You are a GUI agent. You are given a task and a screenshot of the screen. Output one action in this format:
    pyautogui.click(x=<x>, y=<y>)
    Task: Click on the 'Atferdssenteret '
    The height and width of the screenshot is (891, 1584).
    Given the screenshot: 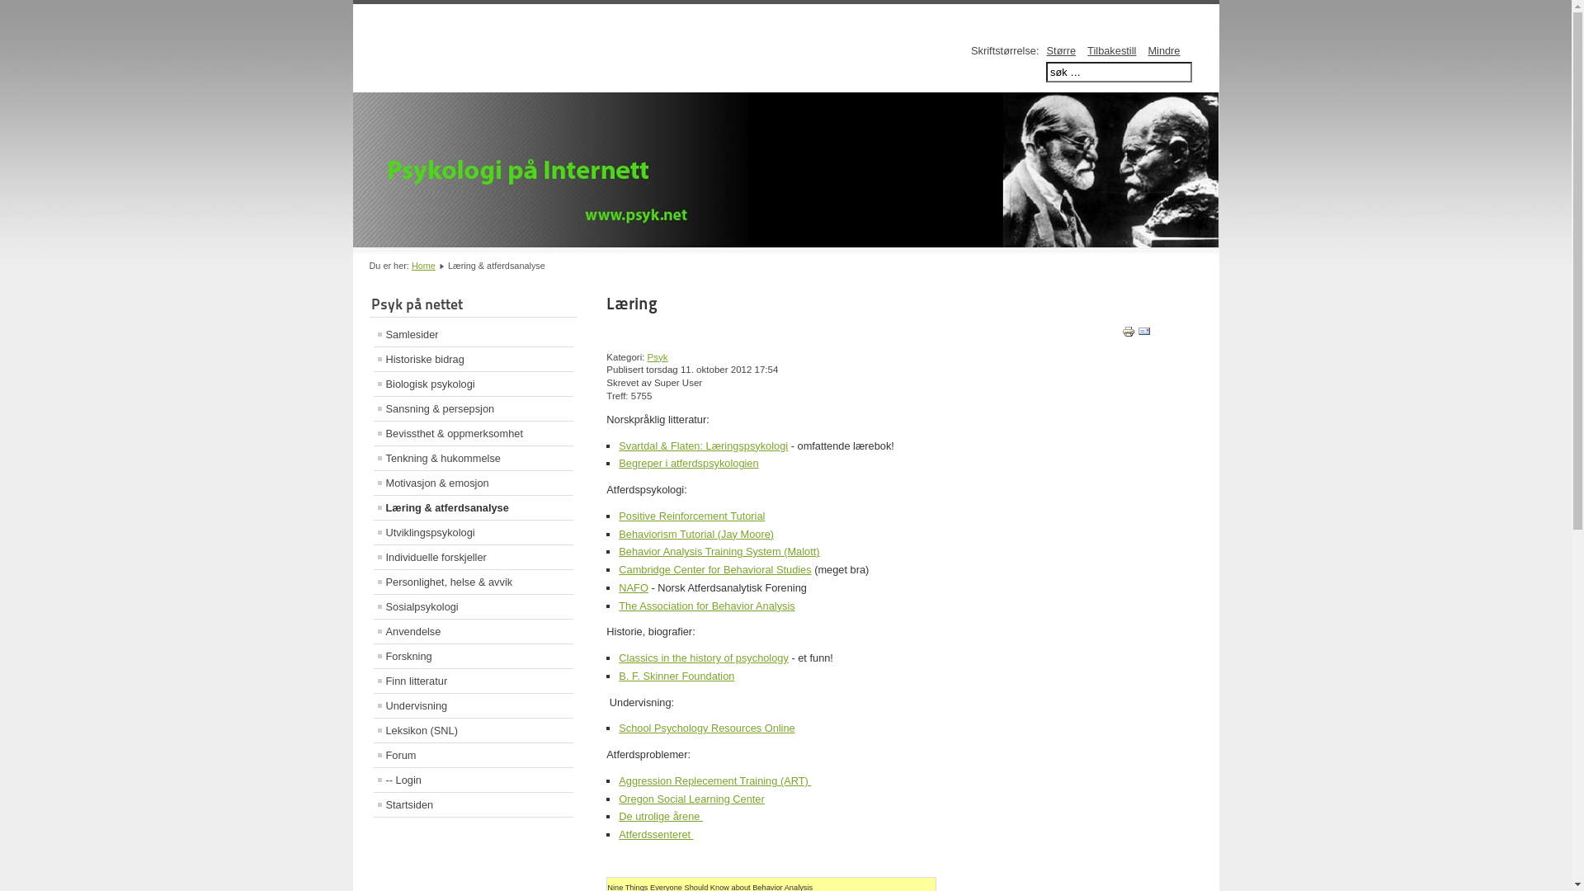 What is the action you would take?
    pyautogui.click(x=655, y=834)
    